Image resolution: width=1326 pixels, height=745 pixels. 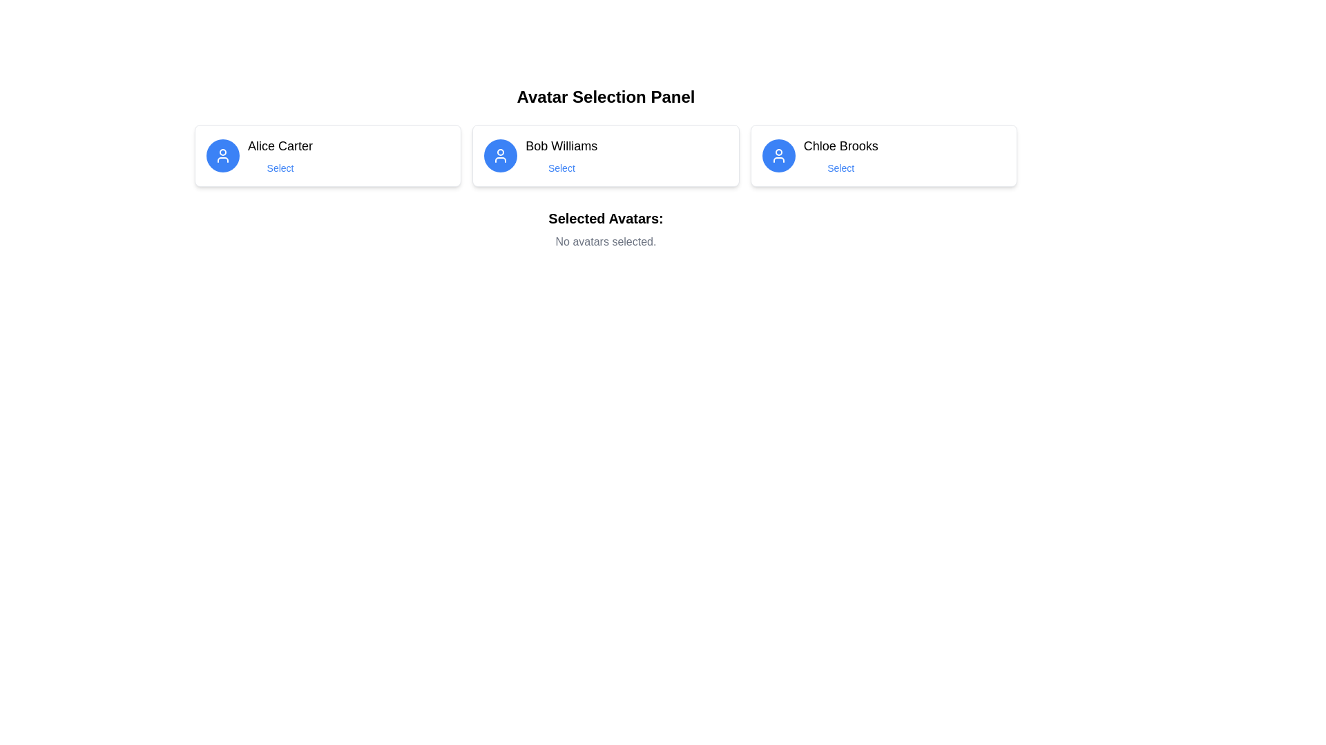 What do you see at coordinates (561, 167) in the screenshot?
I see `the interactive button associated with user 'Bob Williams' to change its color` at bounding box center [561, 167].